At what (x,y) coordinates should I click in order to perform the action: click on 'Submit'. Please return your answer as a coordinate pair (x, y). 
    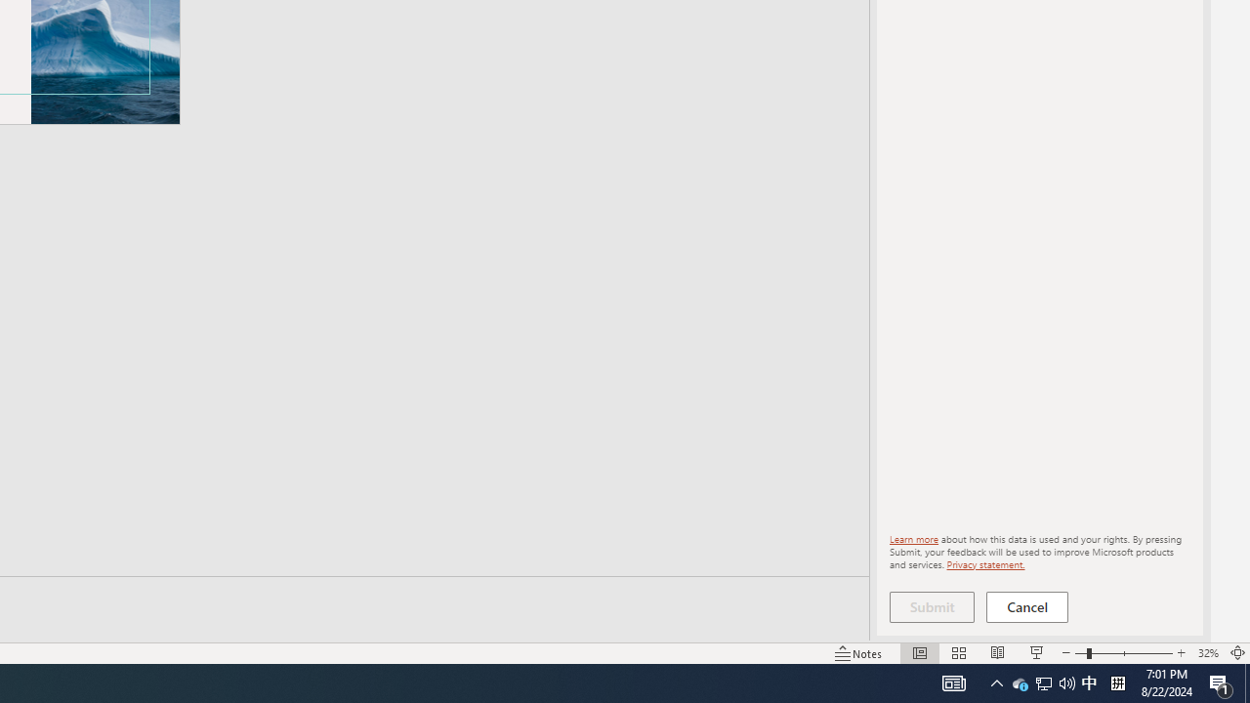
    Looking at the image, I should click on (931, 606).